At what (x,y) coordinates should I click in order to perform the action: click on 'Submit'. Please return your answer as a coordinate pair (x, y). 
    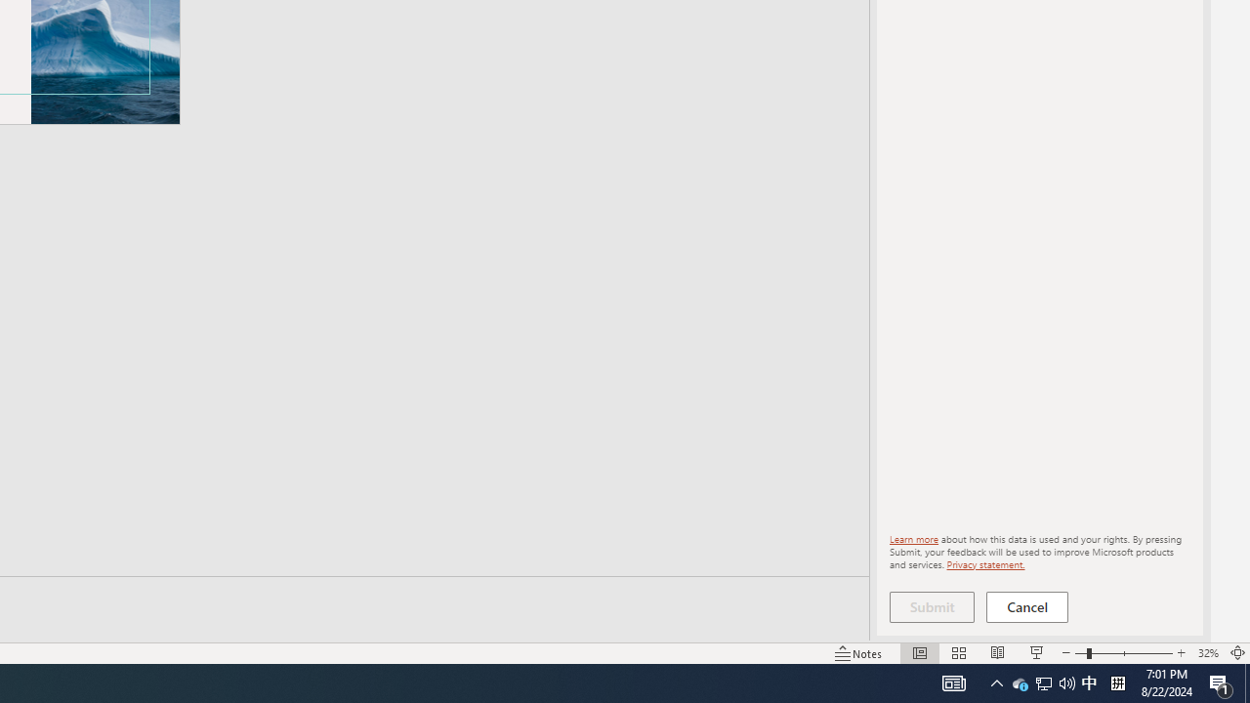
    Looking at the image, I should click on (931, 606).